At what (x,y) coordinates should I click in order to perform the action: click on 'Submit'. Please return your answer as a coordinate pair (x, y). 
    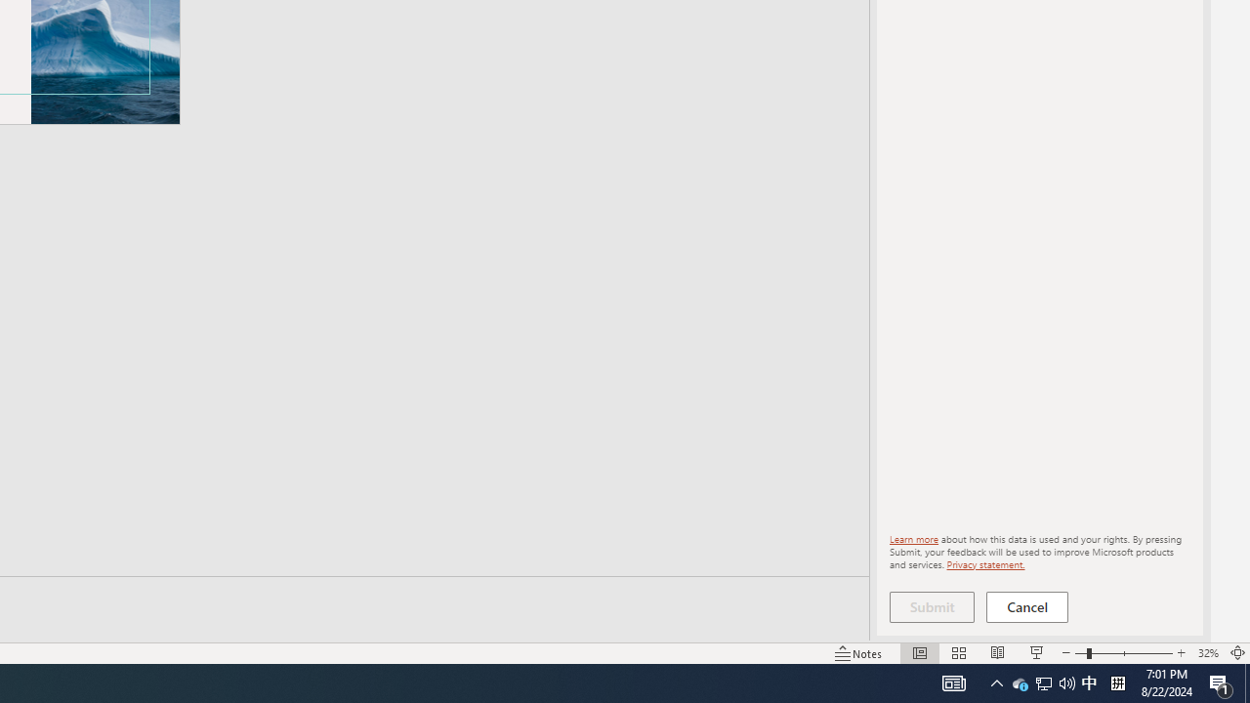
    Looking at the image, I should click on (931, 606).